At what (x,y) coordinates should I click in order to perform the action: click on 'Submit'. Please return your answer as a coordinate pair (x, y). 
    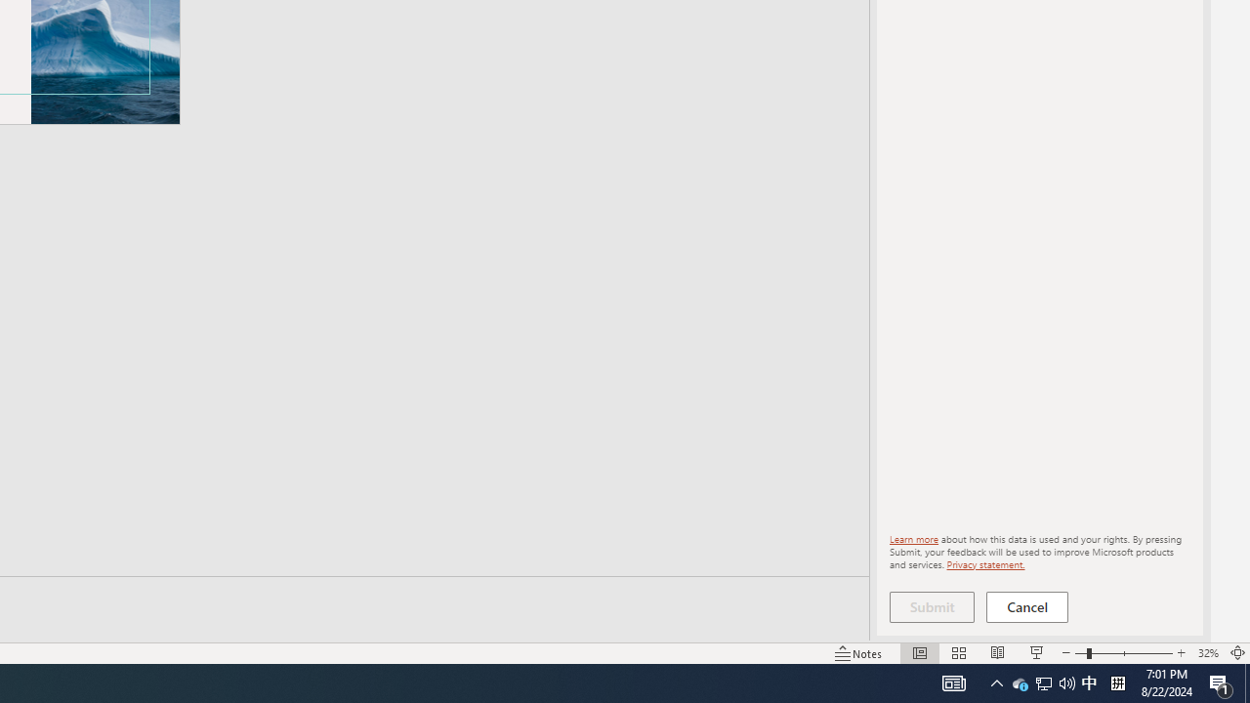
    Looking at the image, I should click on (931, 606).